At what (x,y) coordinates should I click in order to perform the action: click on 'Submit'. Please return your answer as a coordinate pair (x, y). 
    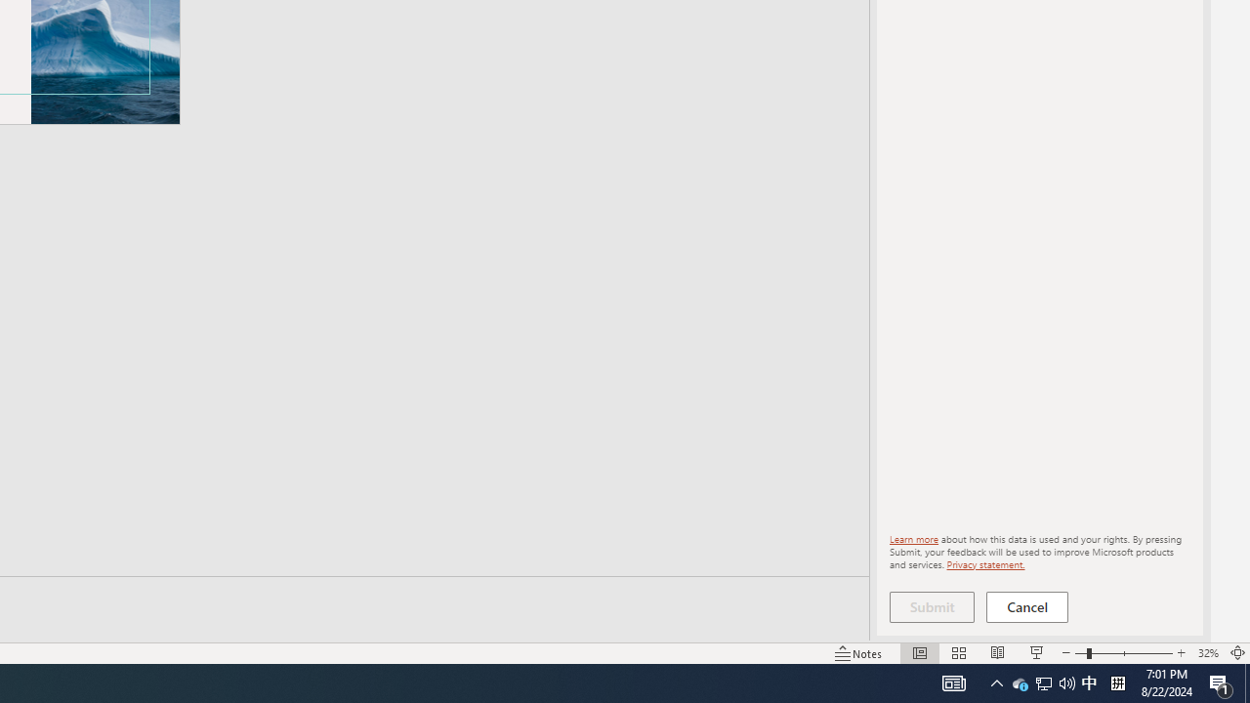
    Looking at the image, I should click on (931, 606).